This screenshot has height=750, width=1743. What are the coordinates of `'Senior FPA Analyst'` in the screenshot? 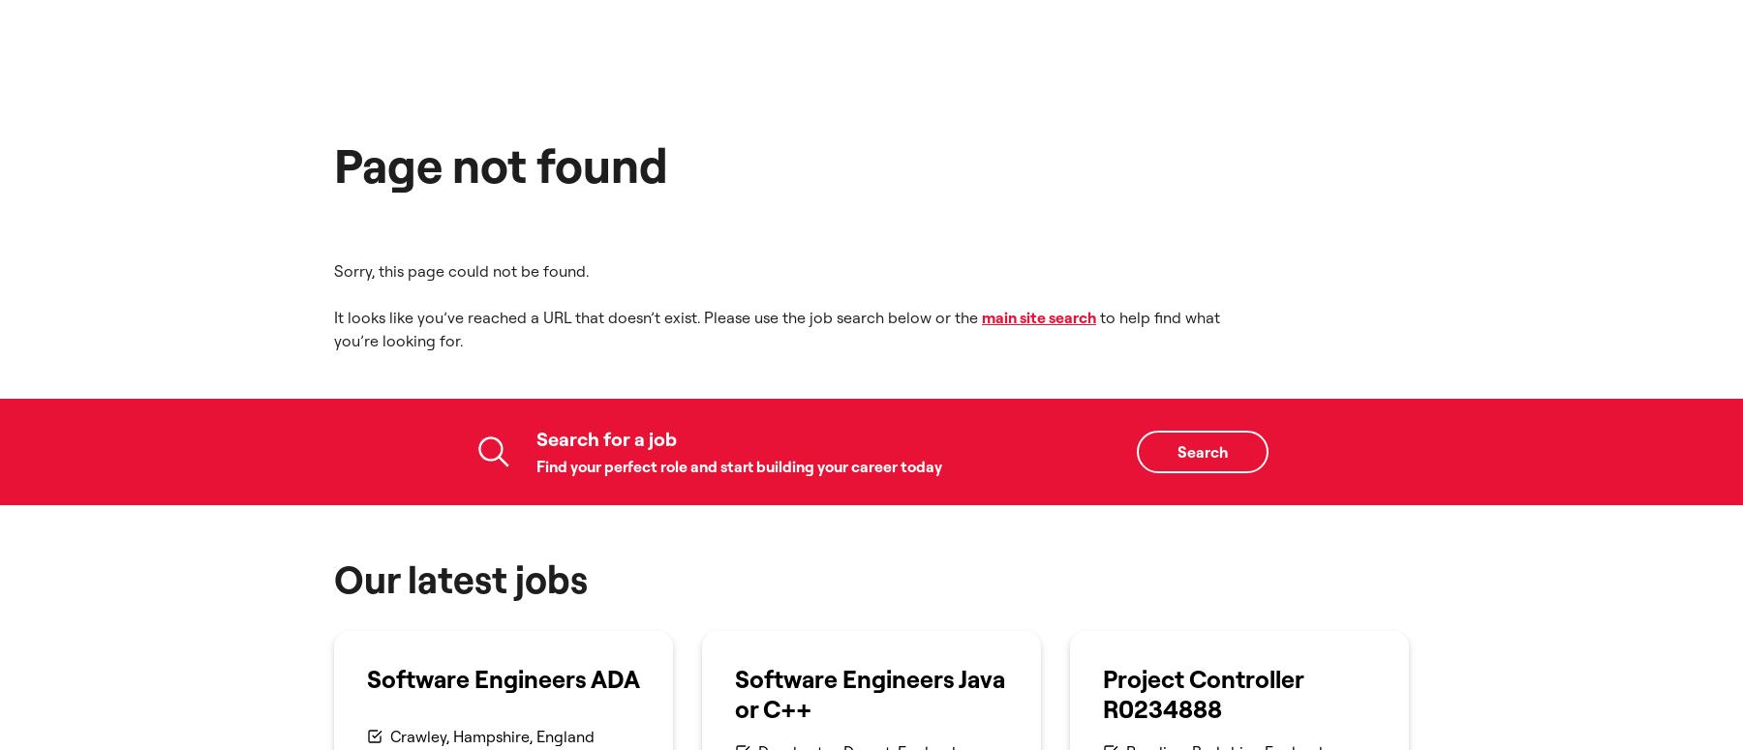 It's located at (837, 225).